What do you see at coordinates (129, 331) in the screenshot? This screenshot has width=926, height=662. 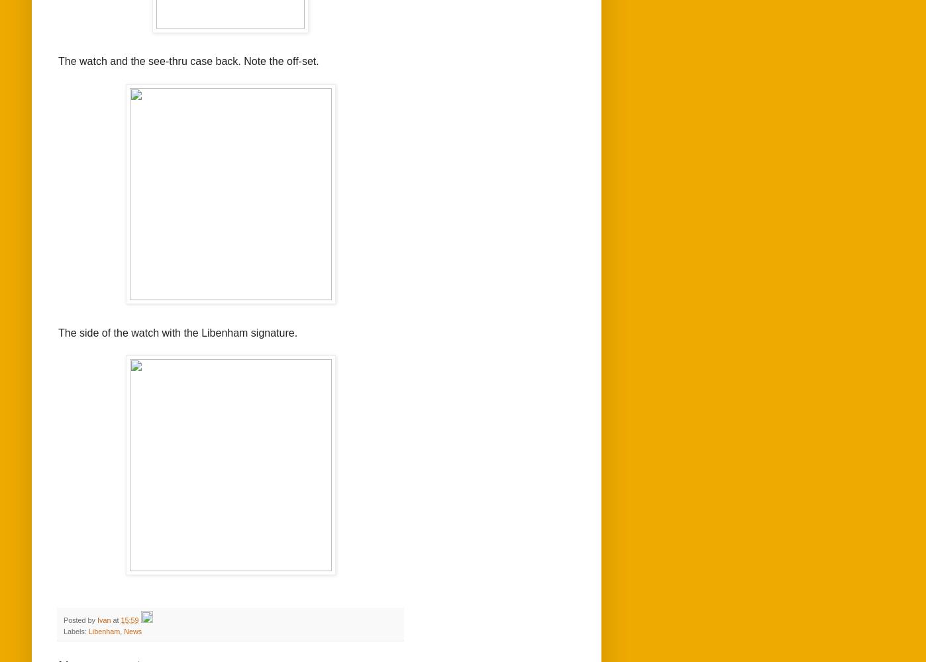 I see `'The side of the watch with the'` at bounding box center [129, 331].